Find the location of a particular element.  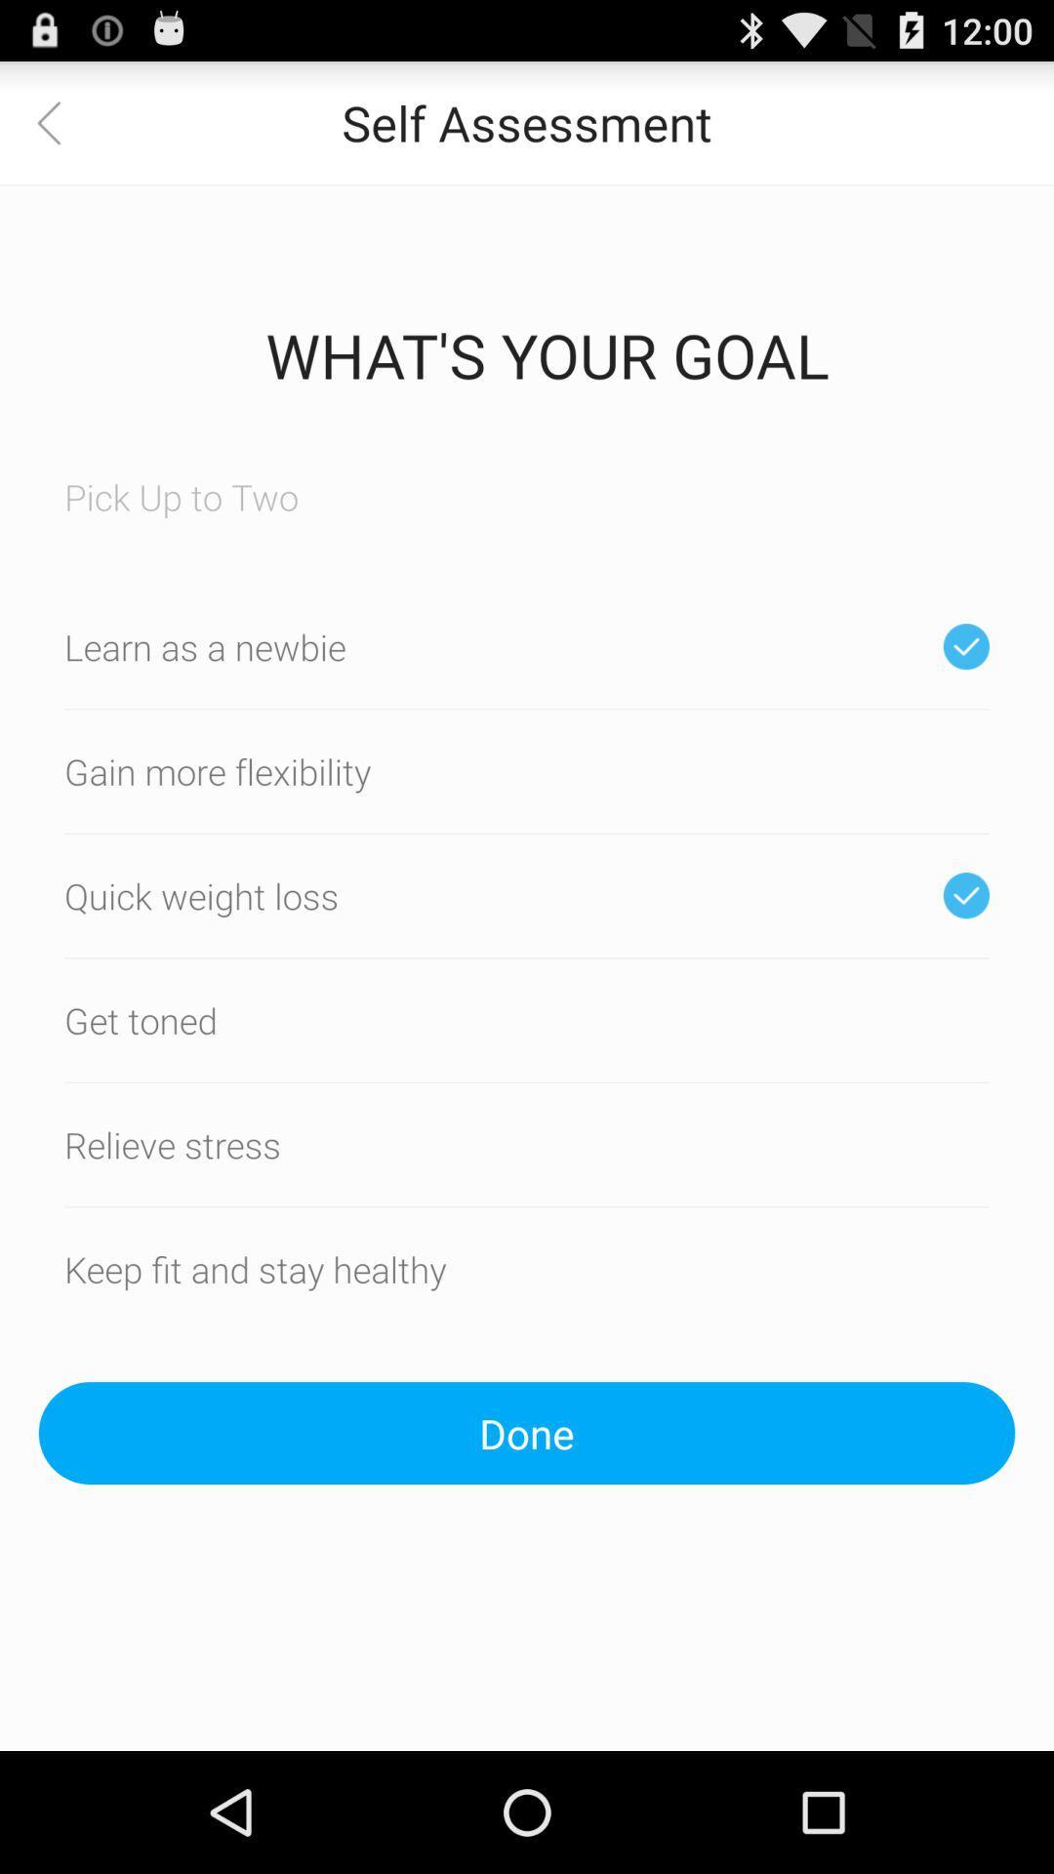

the app to the left of self assessment icon is located at coordinates (60, 121).